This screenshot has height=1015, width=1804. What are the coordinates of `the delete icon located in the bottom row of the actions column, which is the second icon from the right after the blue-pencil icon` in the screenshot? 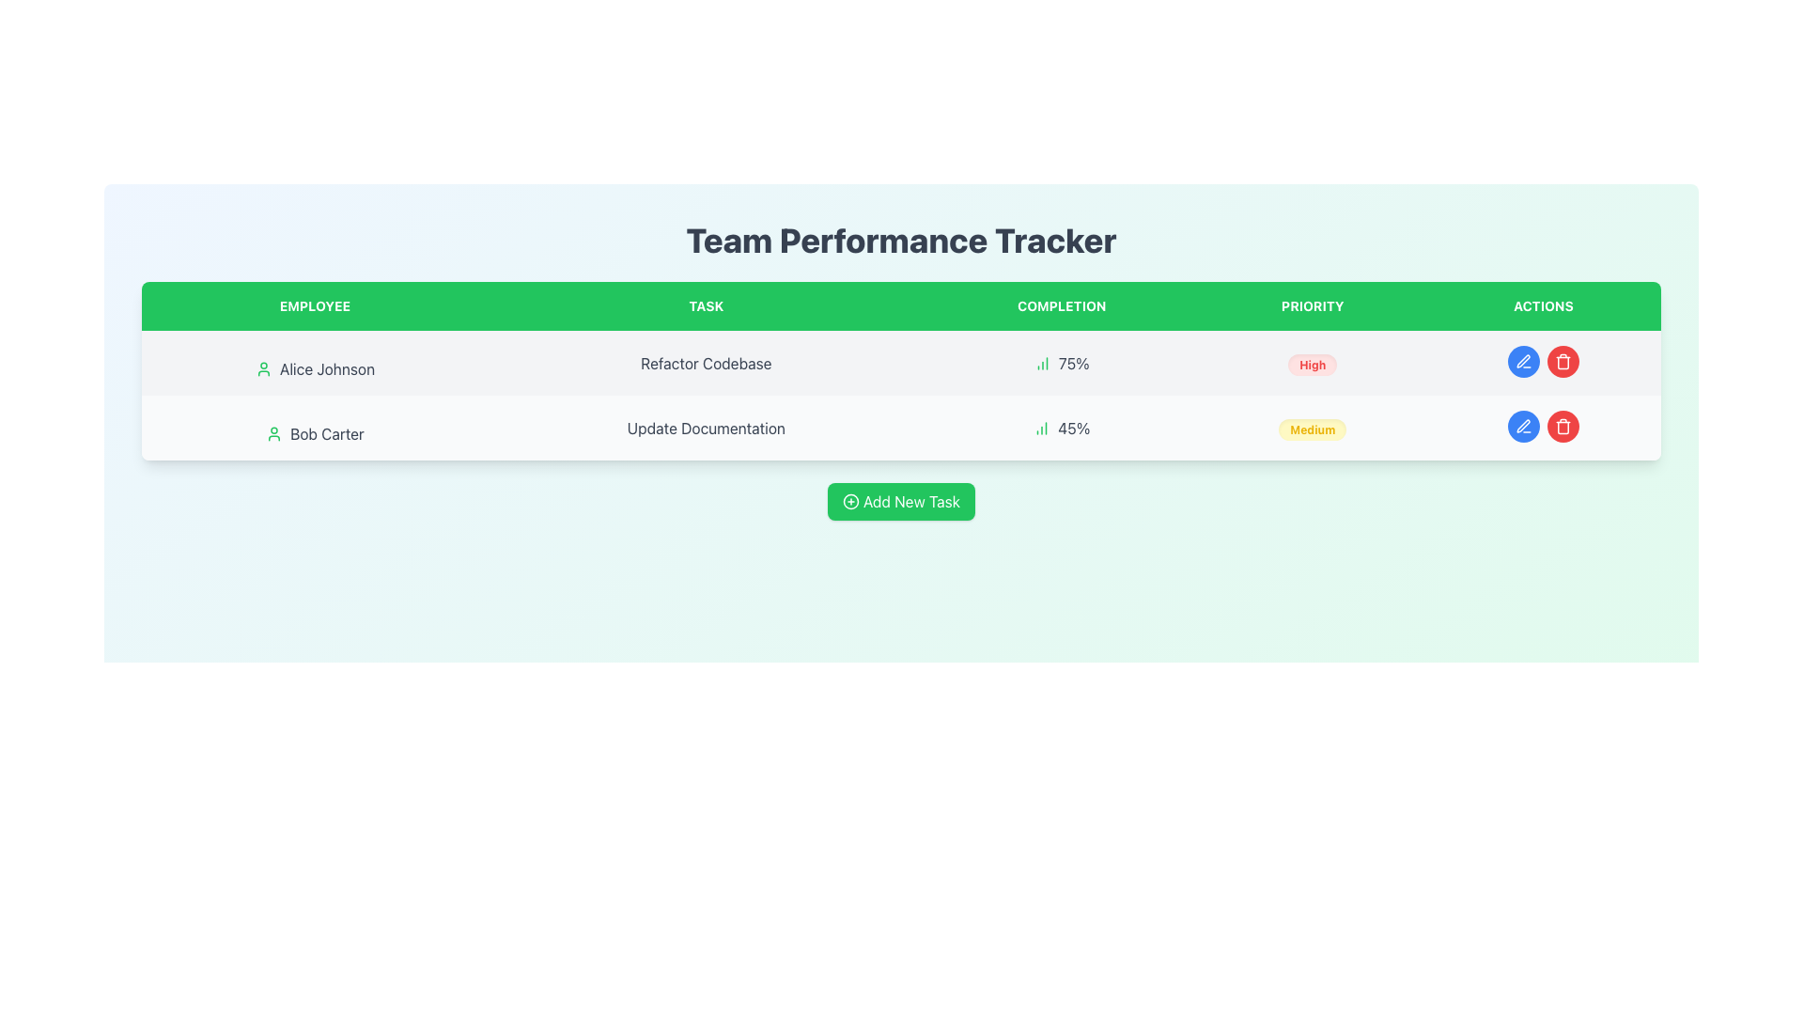 It's located at (1563, 363).